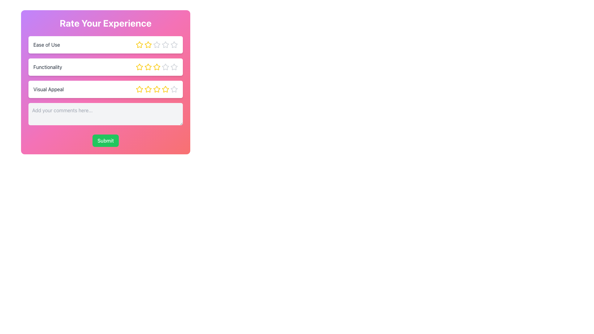 The image size is (594, 334). What do you see at coordinates (165, 89) in the screenshot?
I see `the fourth yellow star icon in the 'Visual Appeal' rating section to rate it` at bounding box center [165, 89].